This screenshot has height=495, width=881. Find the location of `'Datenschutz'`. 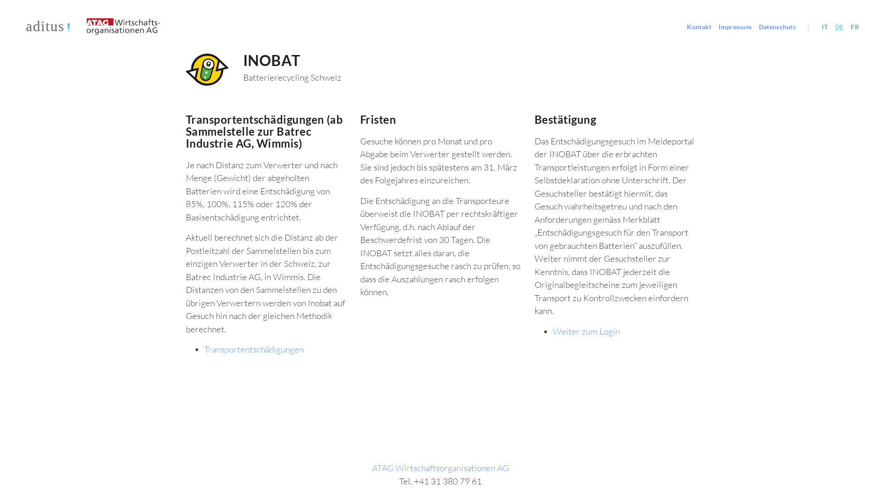

'Datenschutz' is located at coordinates (755, 26).